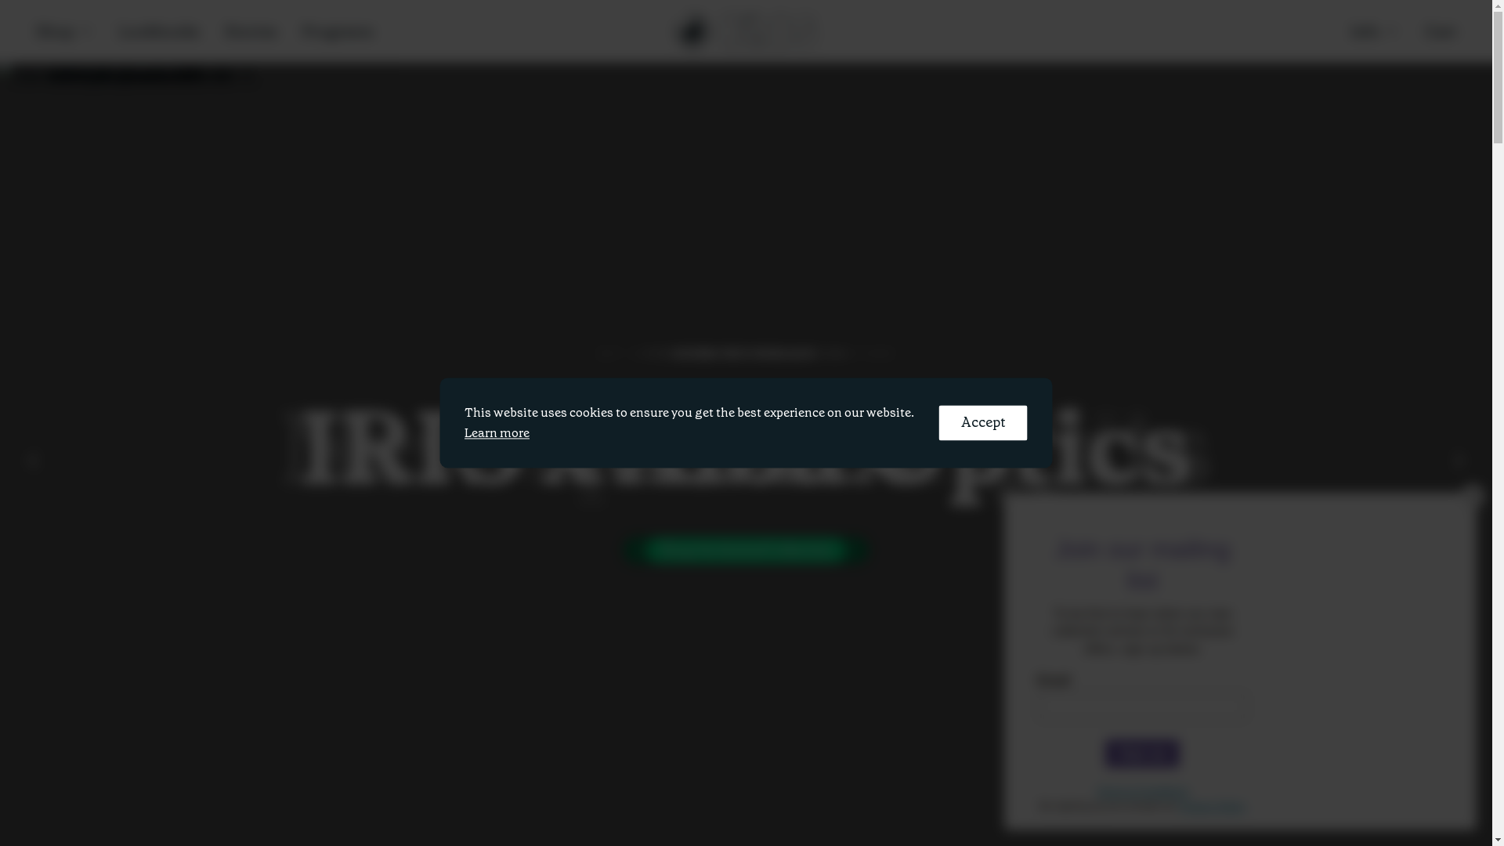  Describe the element at coordinates (464, 432) in the screenshot. I see `'Learn more'` at that location.